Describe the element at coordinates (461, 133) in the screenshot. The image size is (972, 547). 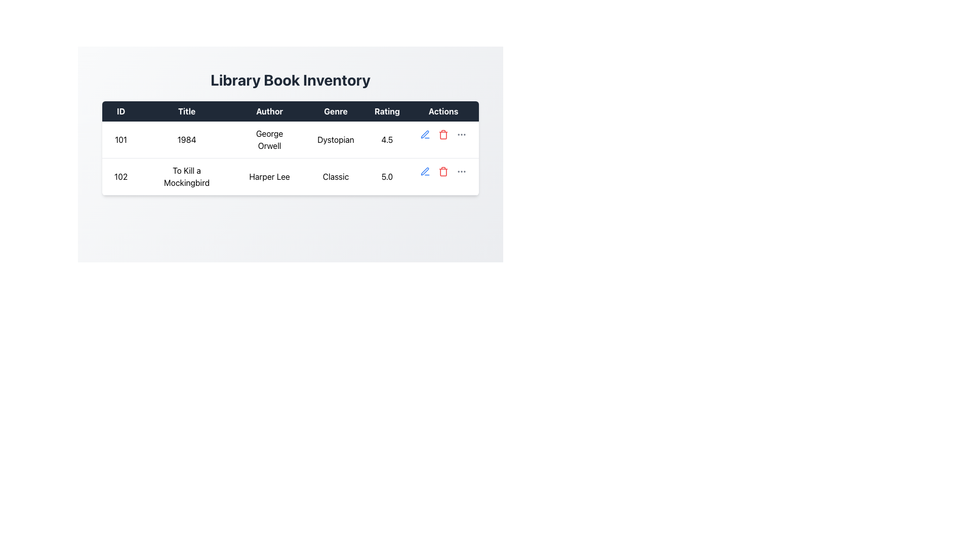
I see `the button located in the last row of the table under the 'Actions' column, which is the third interactive element following the edit (pen) and delete (trash) icons` at that location.